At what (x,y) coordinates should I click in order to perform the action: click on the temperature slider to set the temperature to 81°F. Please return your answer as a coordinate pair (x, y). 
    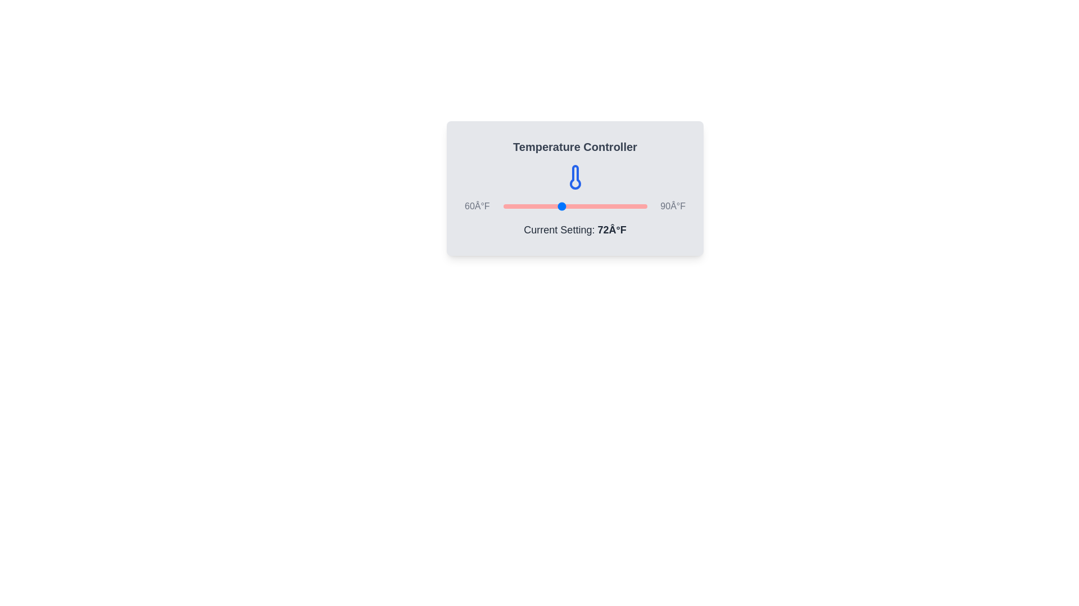
    Looking at the image, I should click on (603, 206).